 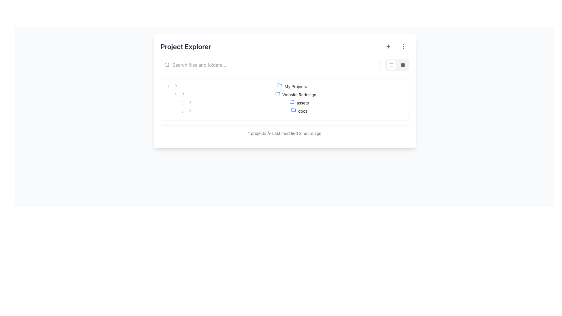 What do you see at coordinates (285, 133) in the screenshot?
I see `the small text area displaying the project status, which is located below the project list and reads '1 projects · Last modified 2 hours ago'` at bounding box center [285, 133].